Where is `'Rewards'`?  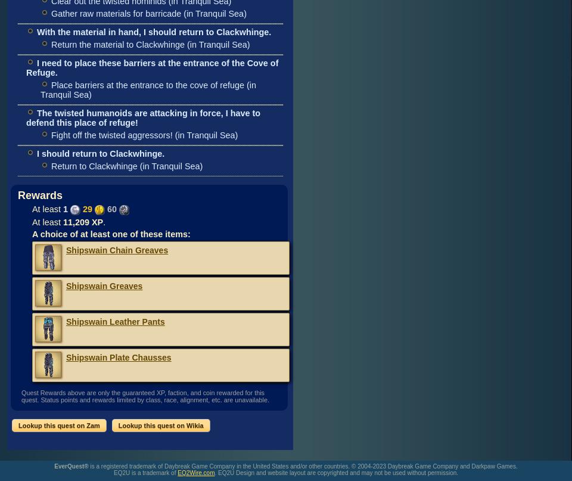
'Rewards' is located at coordinates (40, 195).